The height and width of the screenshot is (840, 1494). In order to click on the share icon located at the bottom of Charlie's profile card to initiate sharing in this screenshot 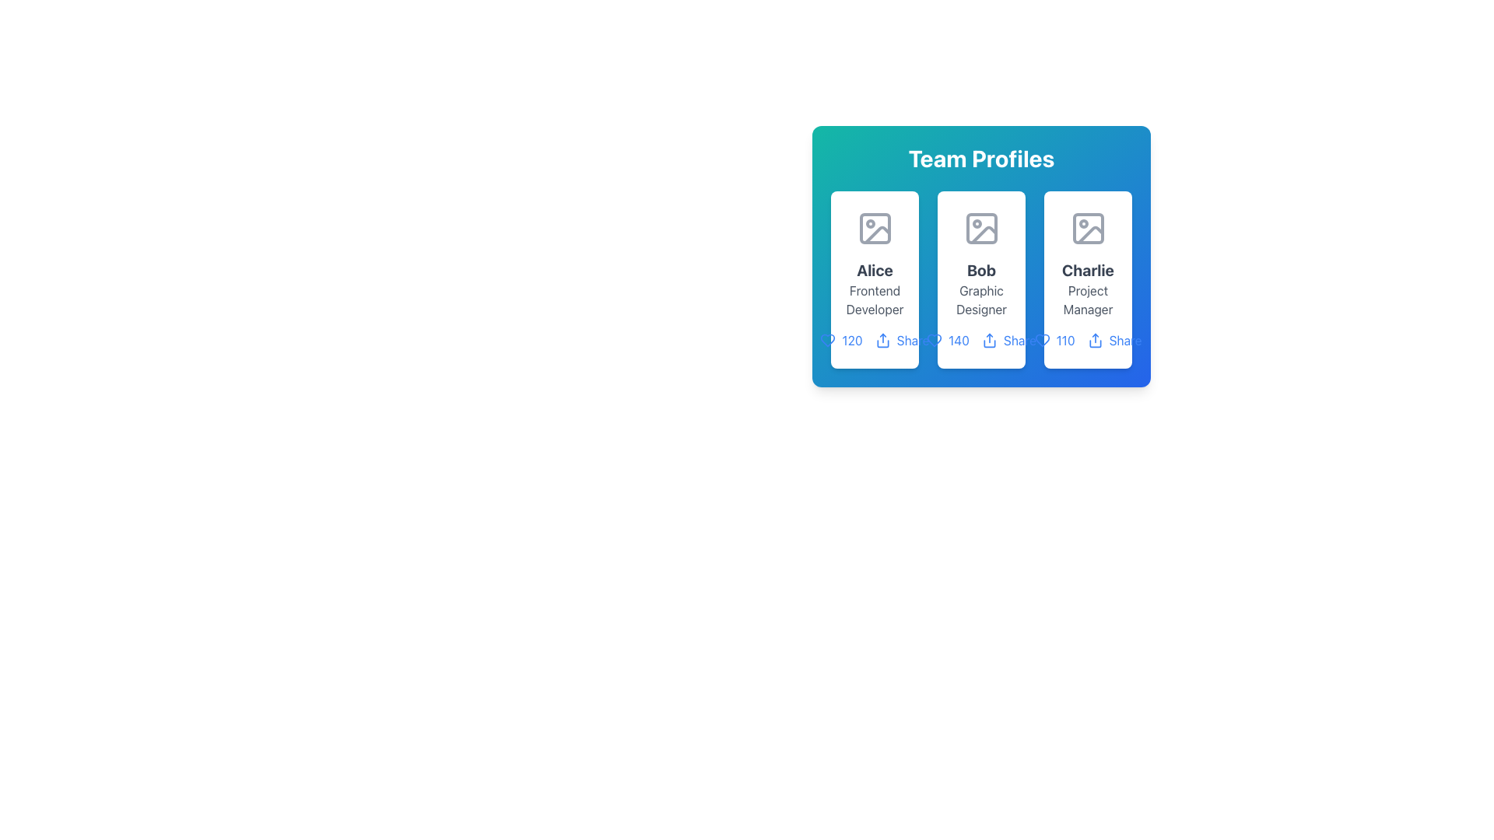, I will do `click(1086, 340)`.